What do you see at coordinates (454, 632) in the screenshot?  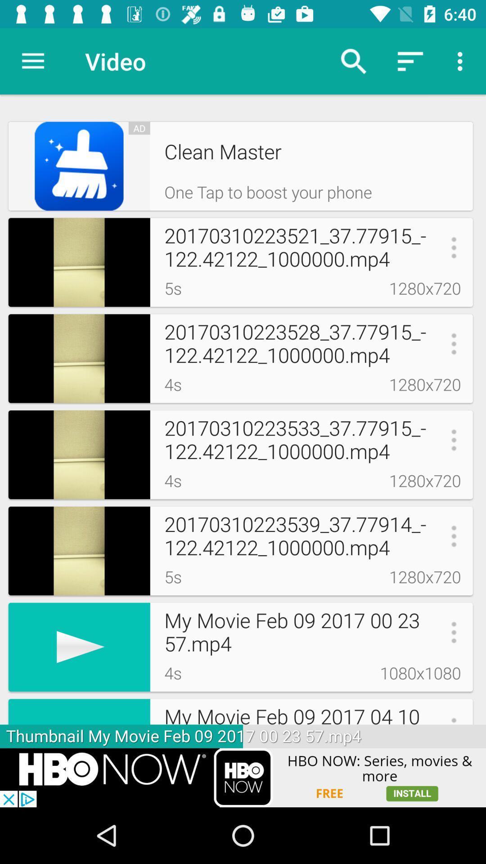 I see `3 dot icon beside 2357 mp4` at bounding box center [454, 632].